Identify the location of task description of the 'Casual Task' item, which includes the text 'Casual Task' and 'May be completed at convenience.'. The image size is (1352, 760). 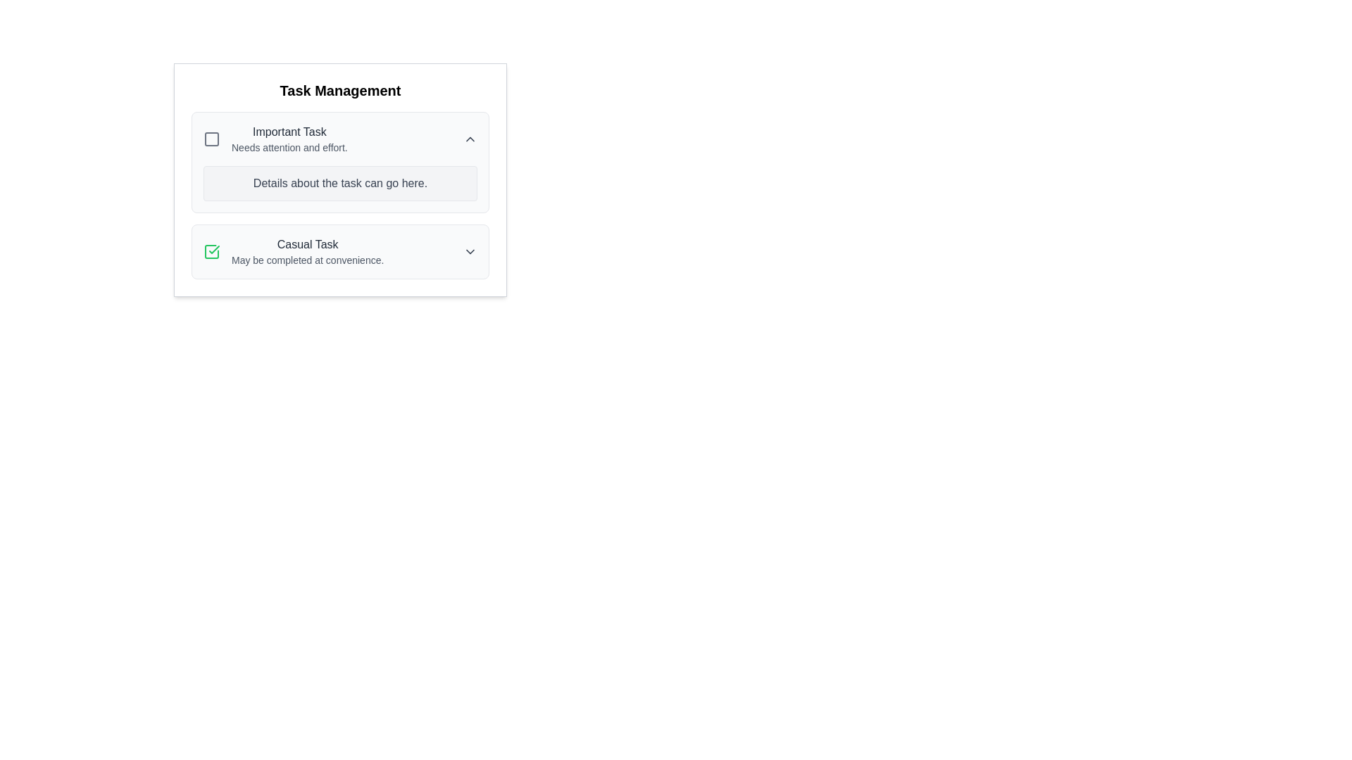
(293, 251).